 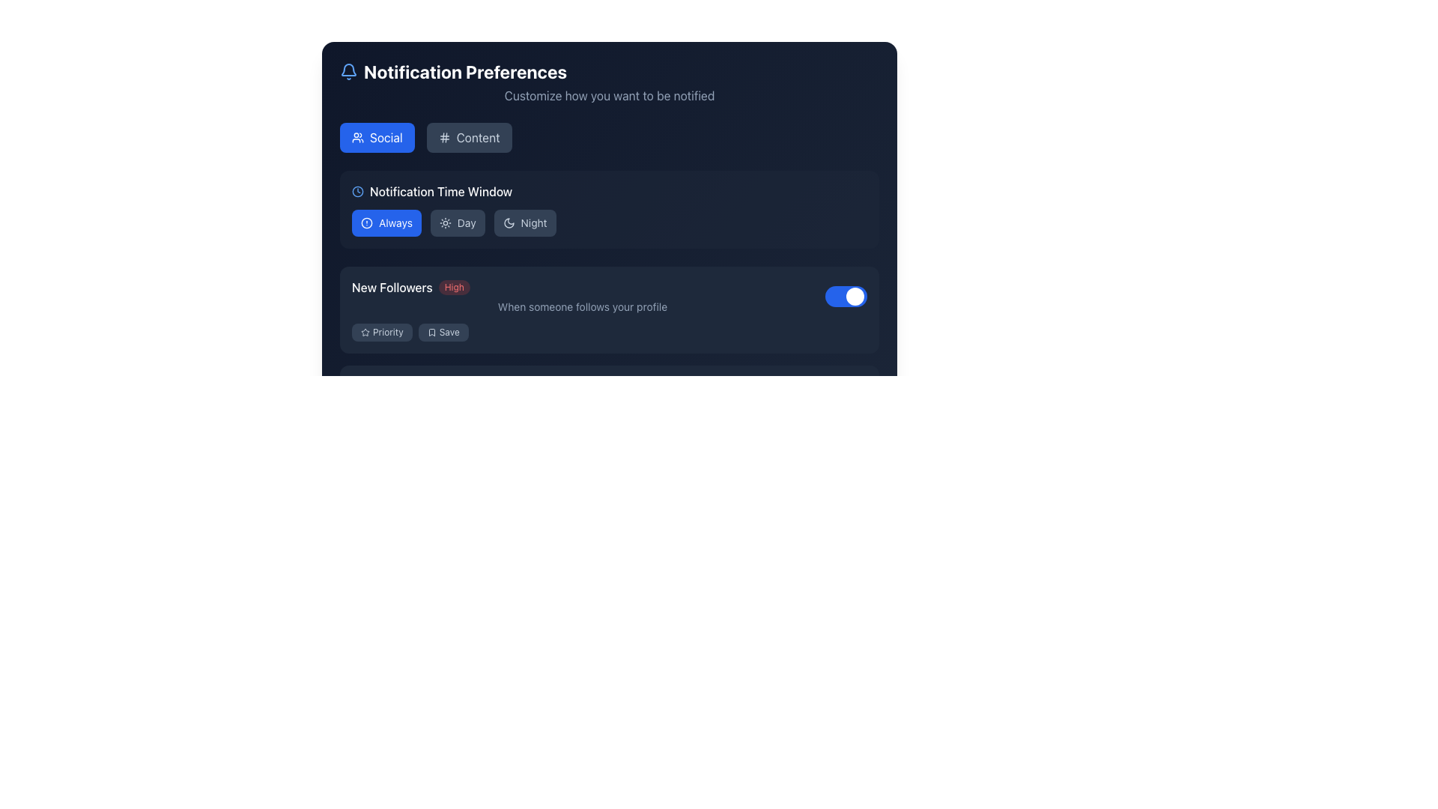 What do you see at coordinates (453, 288) in the screenshot?
I see `the displayed priority level of the 'High' label or badge, which appears to the right of 'New Followers' in the 'Notification Preferences' section` at bounding box center [453, 288].